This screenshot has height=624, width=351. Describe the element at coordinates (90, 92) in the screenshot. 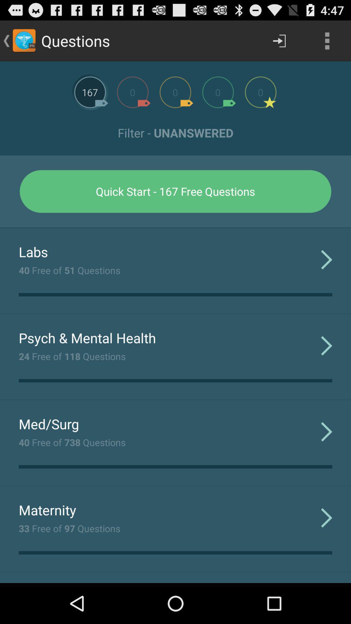

I see `answer the question` at that location.